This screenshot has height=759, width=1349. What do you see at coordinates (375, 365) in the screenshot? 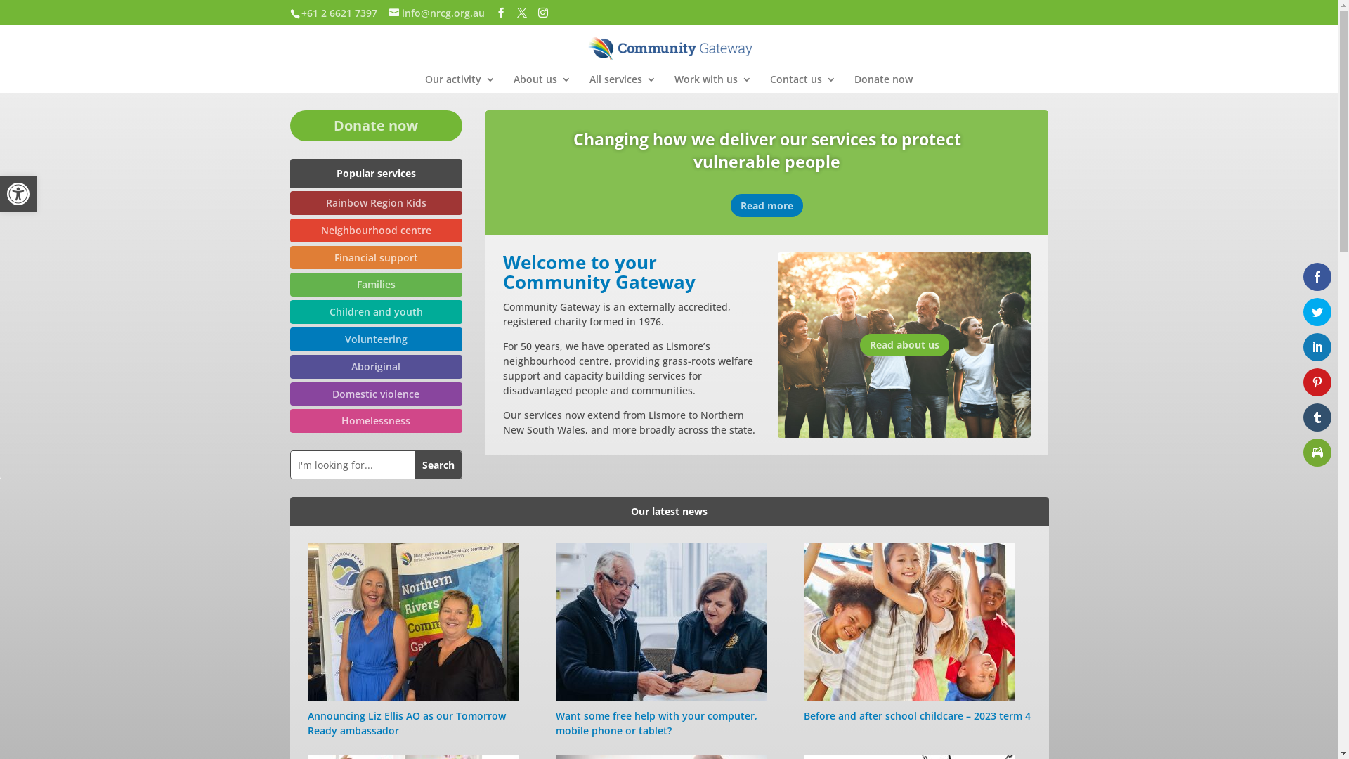
I see `'Aboriginal'` at bounding box center [375, 365].